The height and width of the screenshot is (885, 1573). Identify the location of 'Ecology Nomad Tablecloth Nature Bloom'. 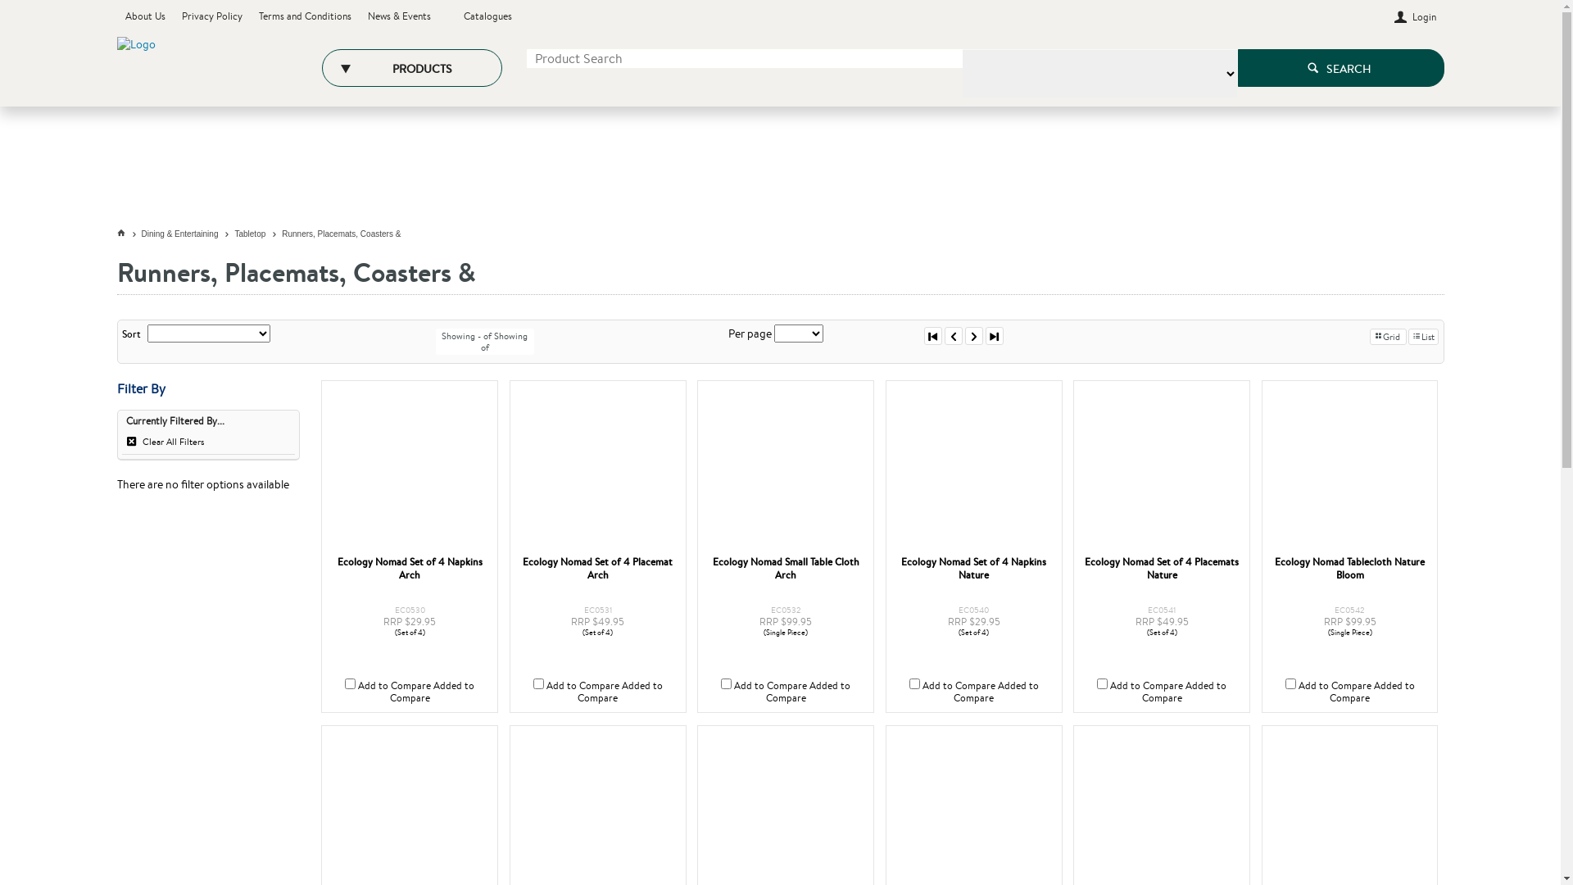
(1349, 468).